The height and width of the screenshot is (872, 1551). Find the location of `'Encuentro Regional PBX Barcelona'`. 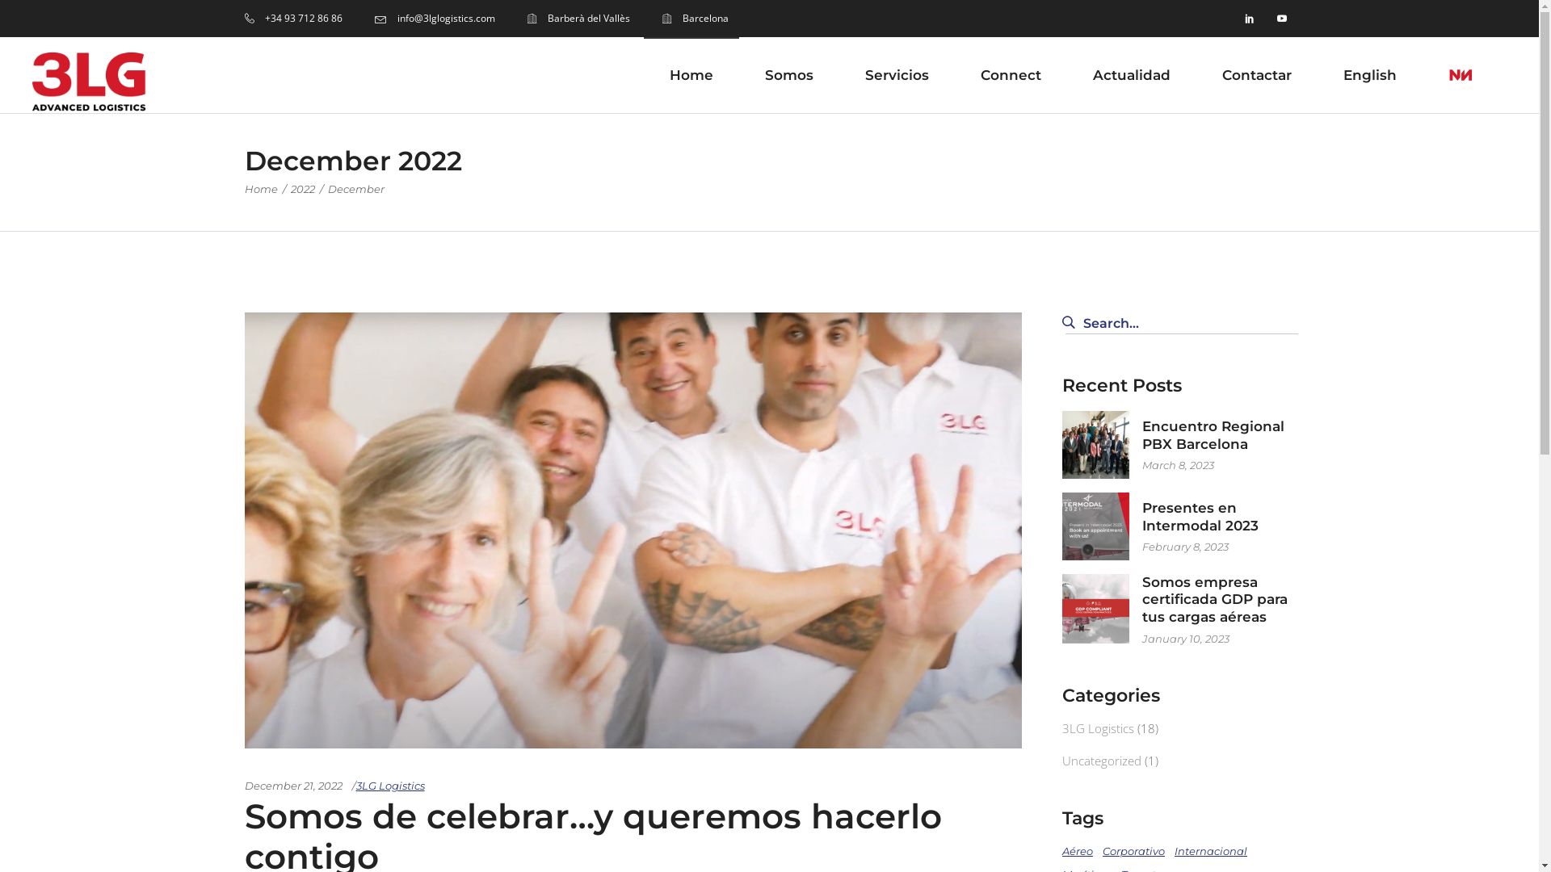

'Encuentro Regional PBX Barcelona' is located at coordinates (1062, 444).